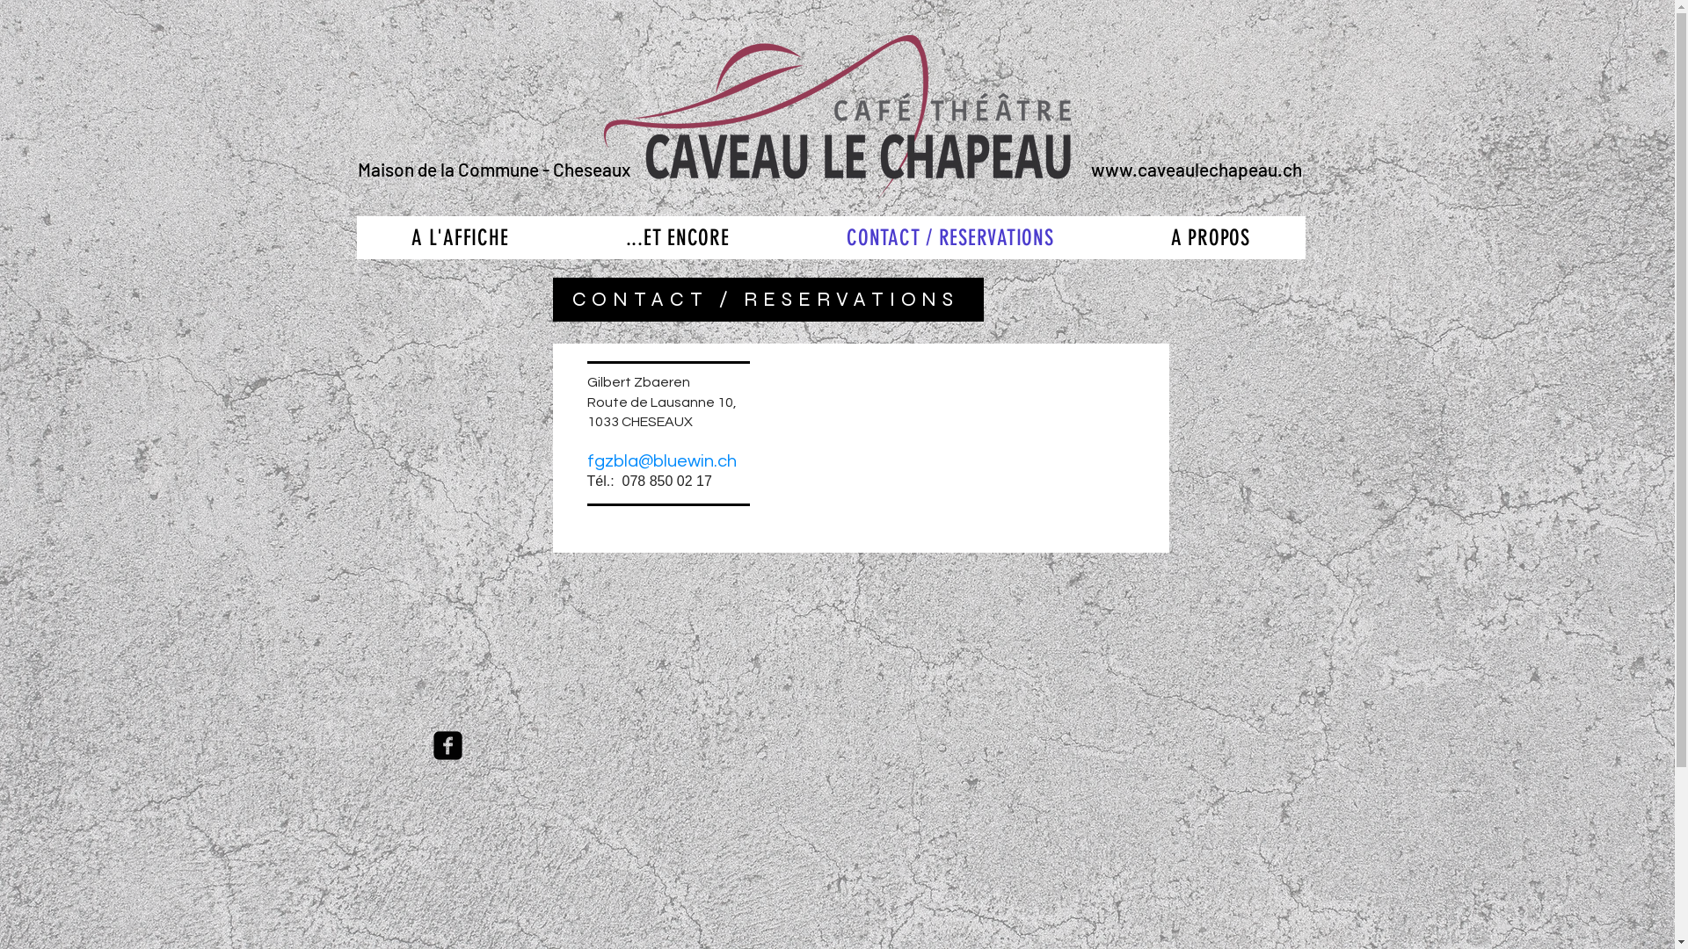  Describe the element at coordinates (1196, 169) in the screenshot. I see `'www.caveaulechapeau.ch'` at that location.